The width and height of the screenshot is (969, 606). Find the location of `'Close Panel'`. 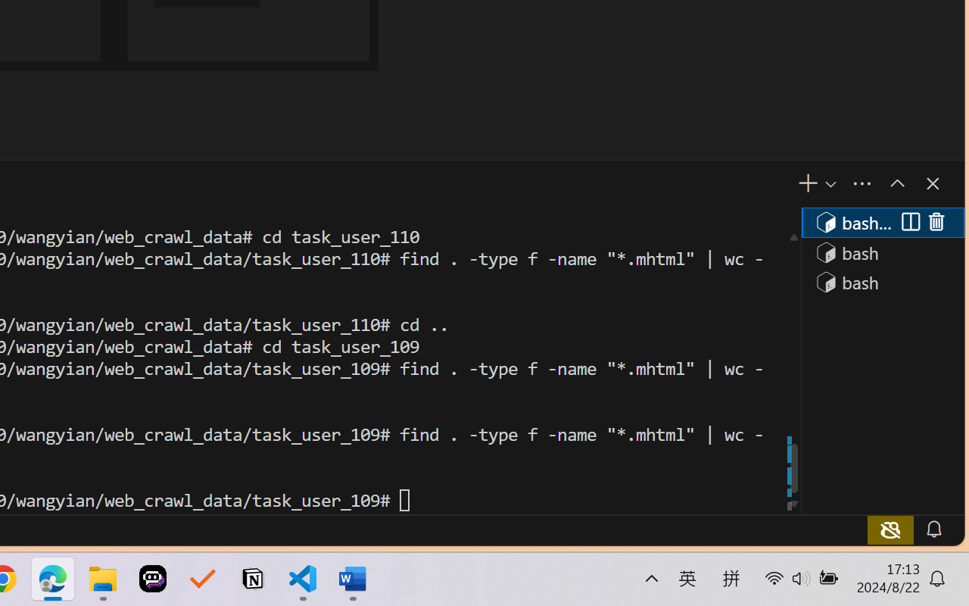

'Close Panel' is located at coordinates (930, 183).